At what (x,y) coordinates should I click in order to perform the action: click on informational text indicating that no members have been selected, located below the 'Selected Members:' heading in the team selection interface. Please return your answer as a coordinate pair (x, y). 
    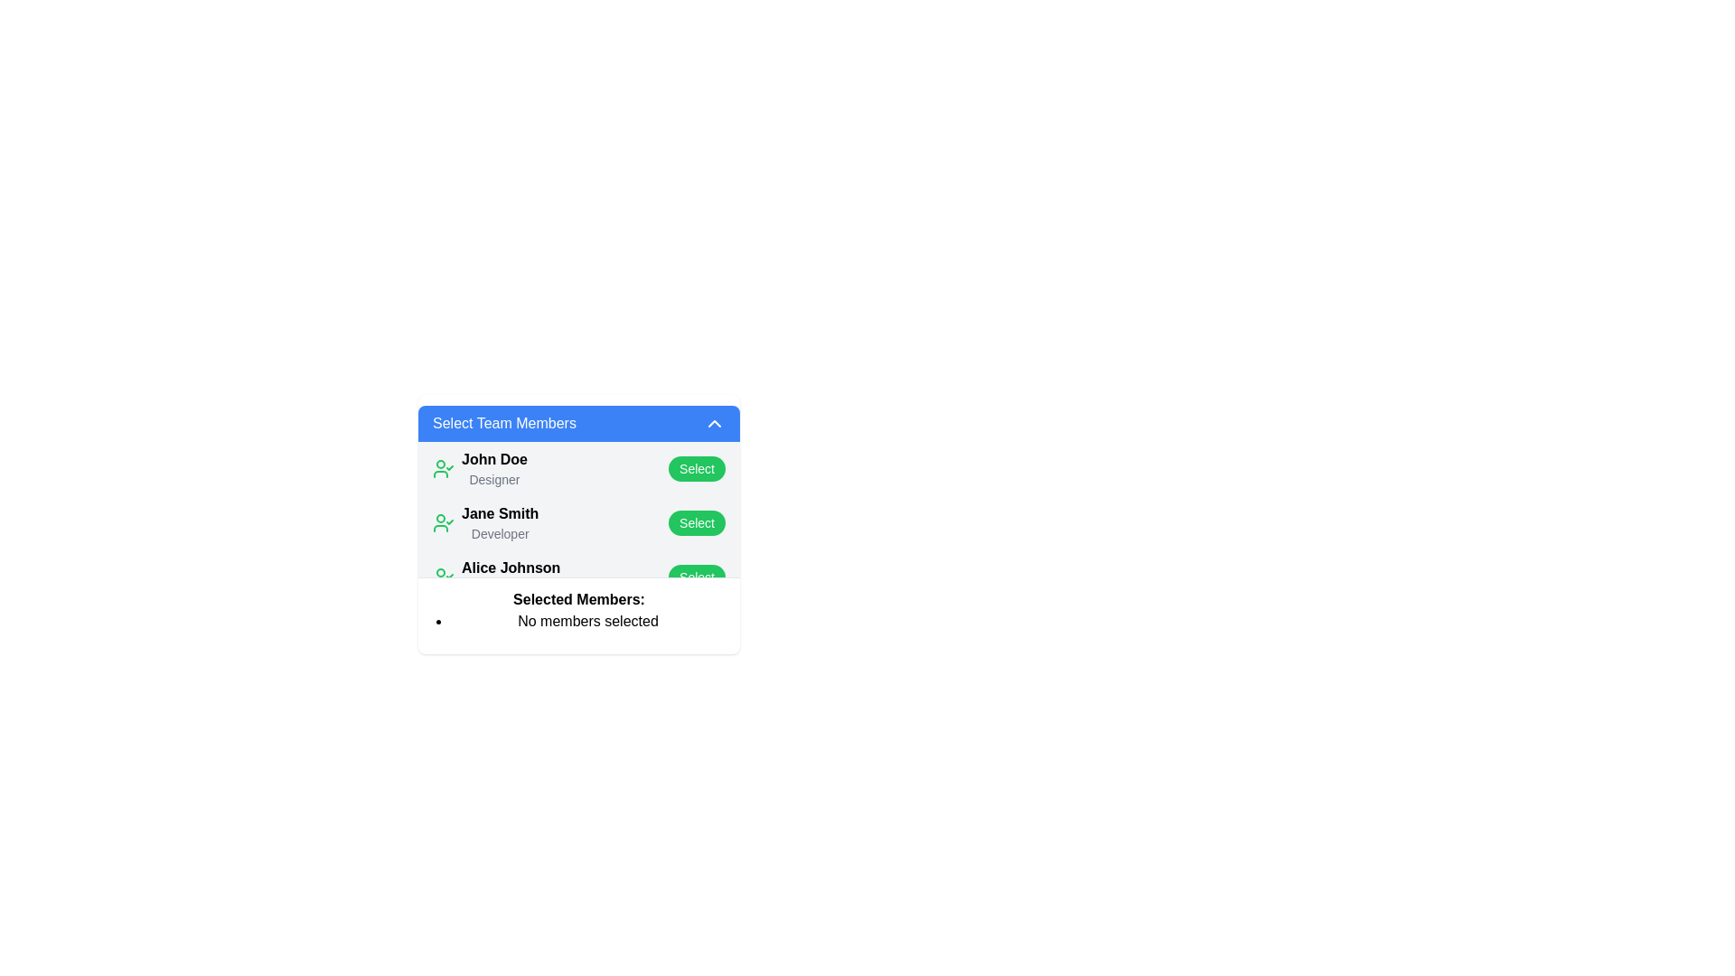
    Looking at the image, I should click on (579, 620).